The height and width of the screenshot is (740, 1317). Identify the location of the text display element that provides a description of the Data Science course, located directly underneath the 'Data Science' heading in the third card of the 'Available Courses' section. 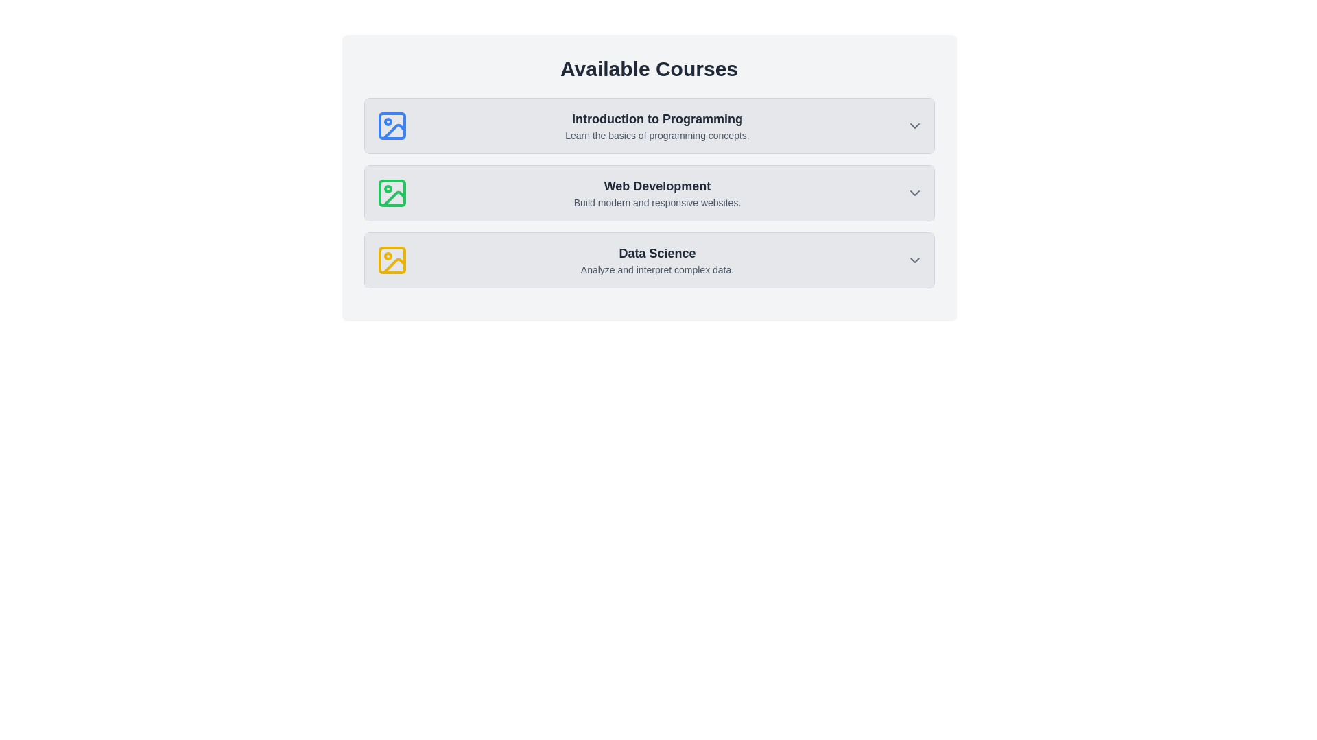
(656, 269).